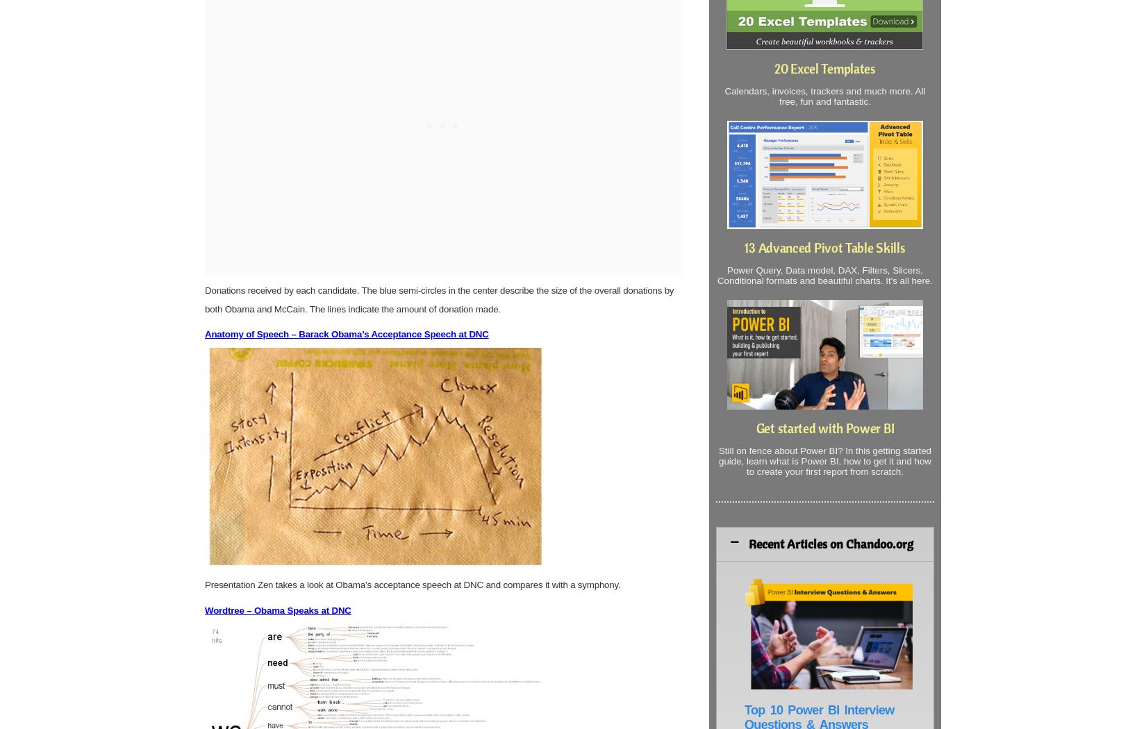  I want to click on 'Recent Articles on Chandoo.org', so click(830, 543).